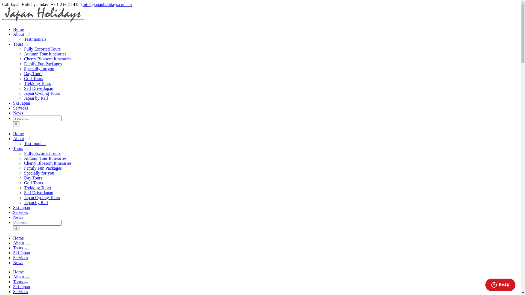 The width and height of the screenshot is (525, 295). Describe the element at coordinates (485, 285) in the screenshot. I see `'Opens a widget where you can chat to one of our agents'` at that location.